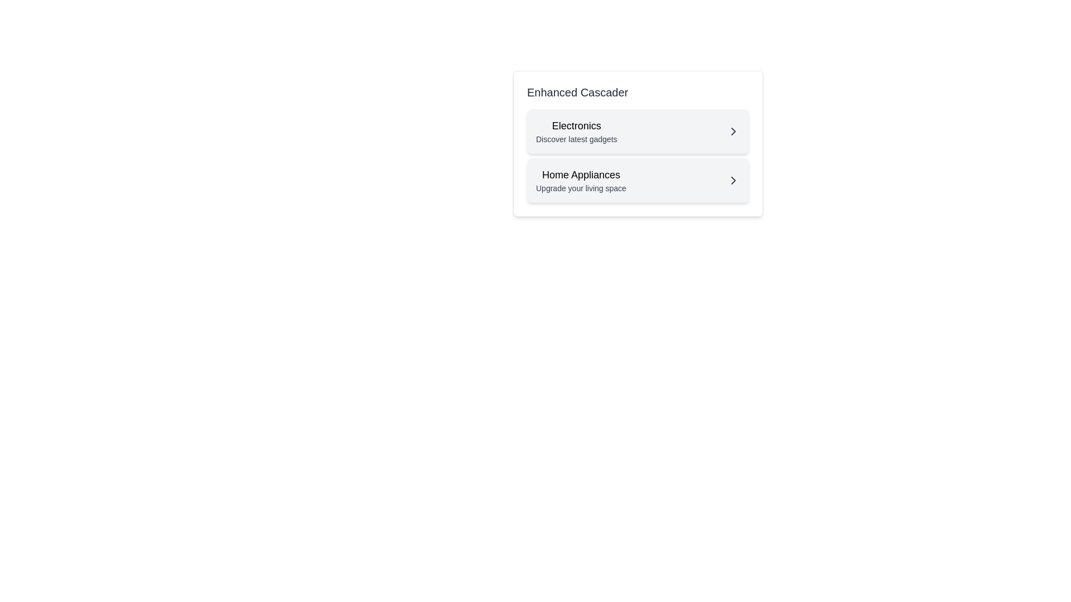 The image size is (1071, 602). I want to click on the Interactive navigation card labeled 'Electronics' that features a bold title and a rightward chevron icon, positioned within the 'Enhanced Cascader' panel, so click(638, 143).